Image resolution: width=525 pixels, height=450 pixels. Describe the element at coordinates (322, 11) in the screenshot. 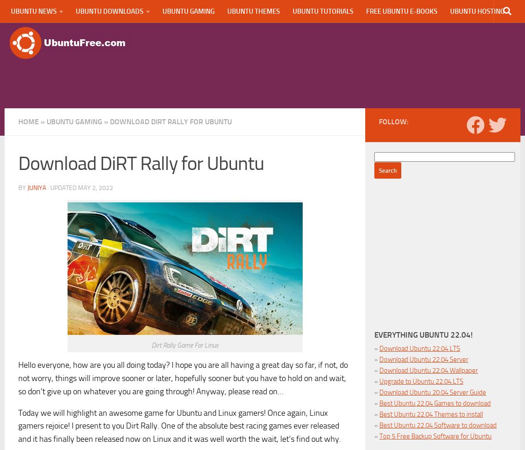

I see `'Ubuntu Tutorials'` at that location.